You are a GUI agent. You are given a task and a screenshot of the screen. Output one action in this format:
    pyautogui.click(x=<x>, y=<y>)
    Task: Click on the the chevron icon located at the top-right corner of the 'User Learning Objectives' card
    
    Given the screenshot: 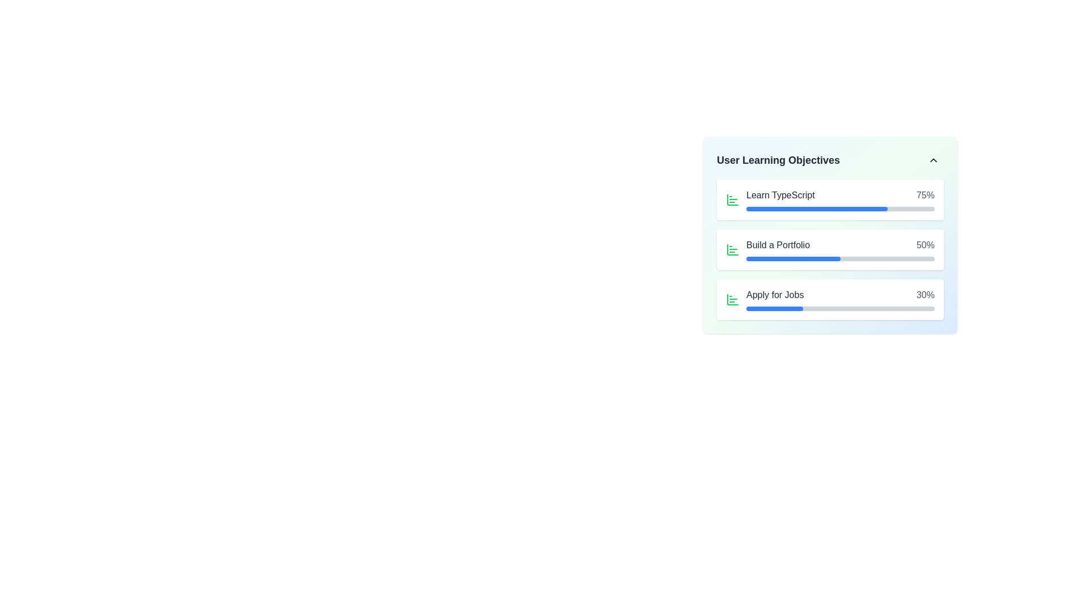 What is the action you would take?
    pyautogui.click(x=934, y=160)
    